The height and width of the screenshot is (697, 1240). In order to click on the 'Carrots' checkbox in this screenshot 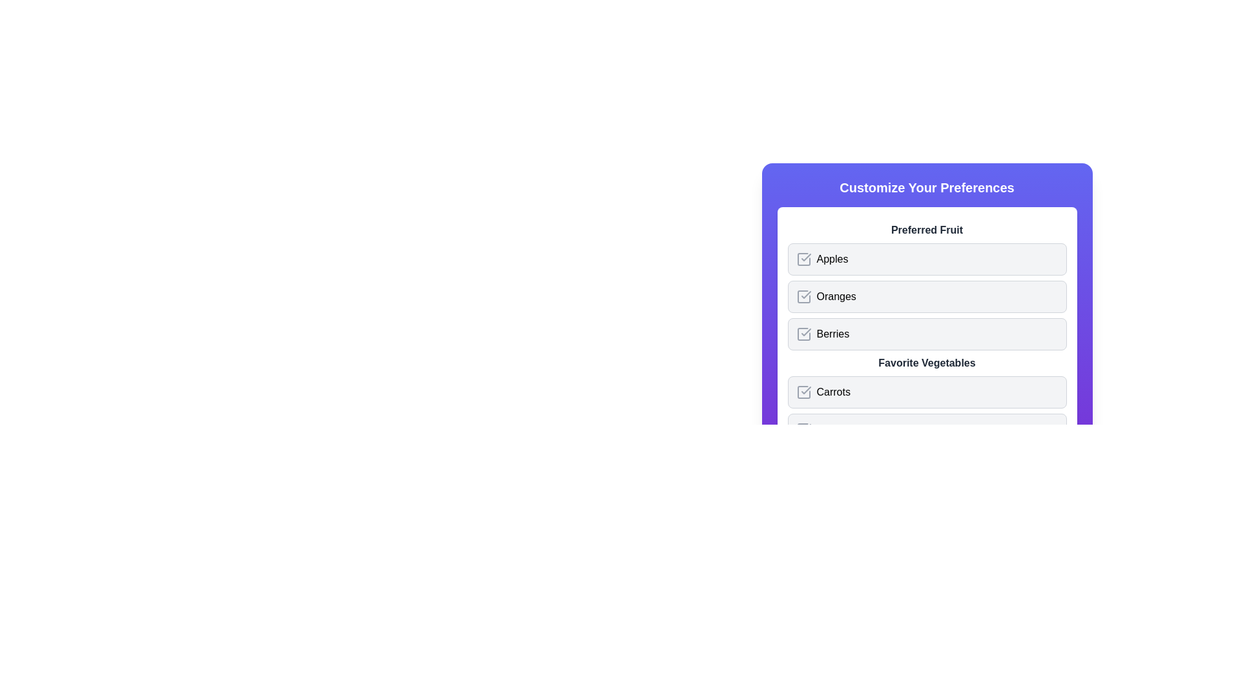, I will do `click(802, 392)`.